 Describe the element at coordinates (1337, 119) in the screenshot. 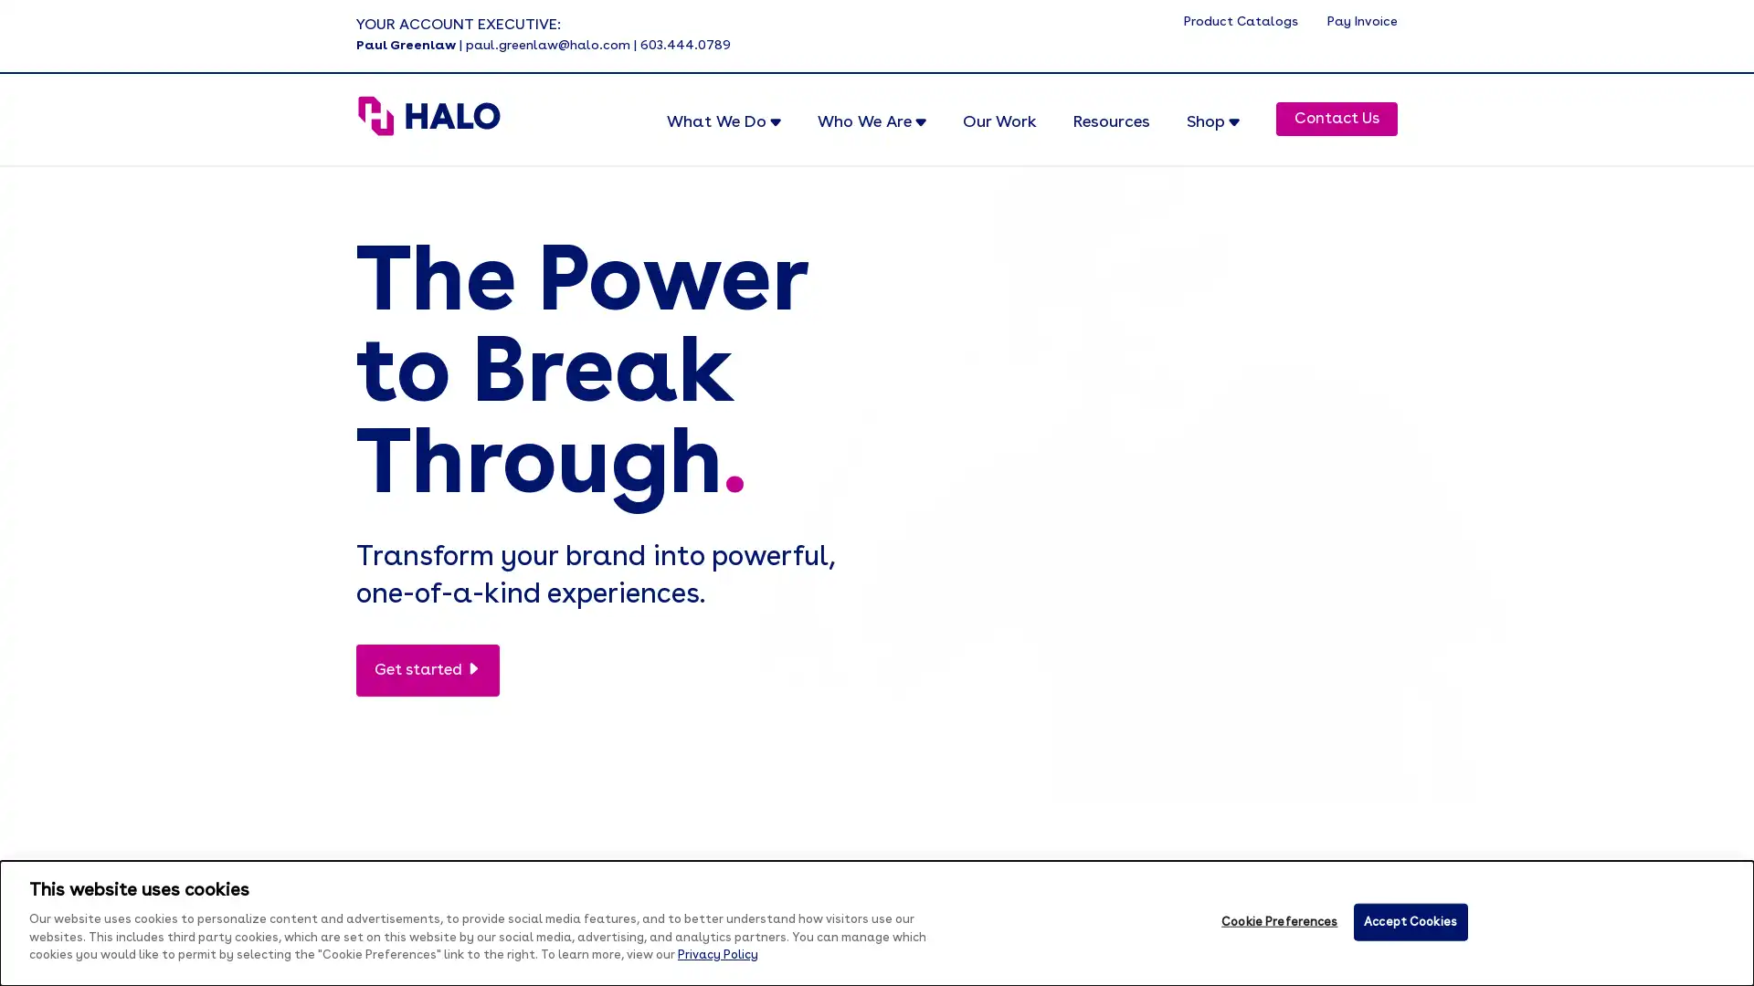

I see `Contact Us` at that location.